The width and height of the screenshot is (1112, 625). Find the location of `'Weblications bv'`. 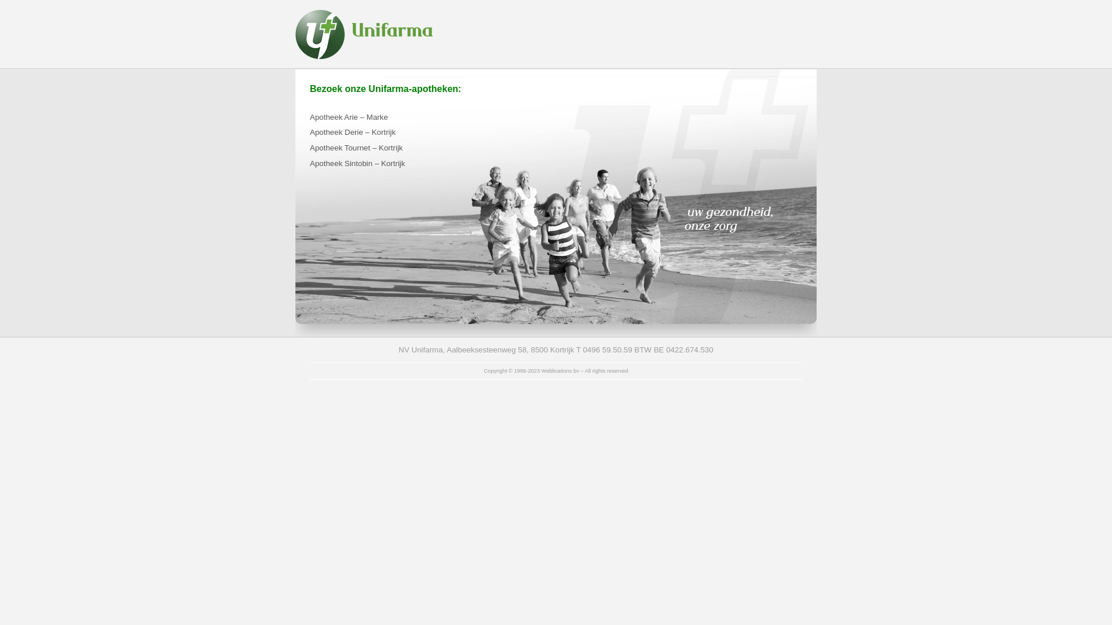

'Weblications bv' is located at coordinates (560, 370).